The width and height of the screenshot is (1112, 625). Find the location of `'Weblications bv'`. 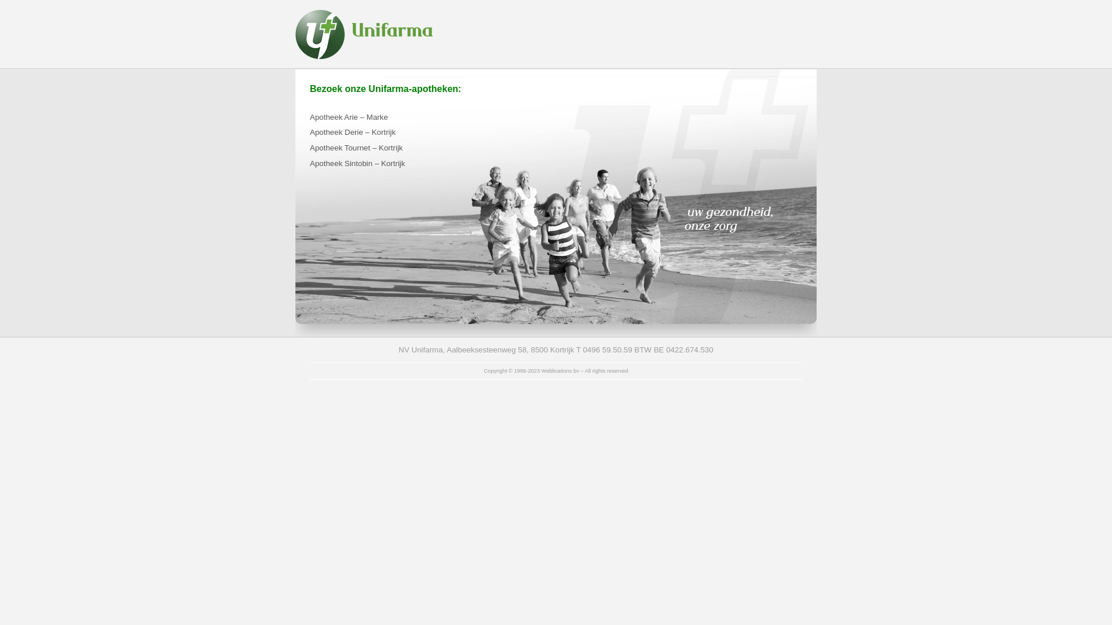

'Weblications bv' is located at coordinates (560, 370).